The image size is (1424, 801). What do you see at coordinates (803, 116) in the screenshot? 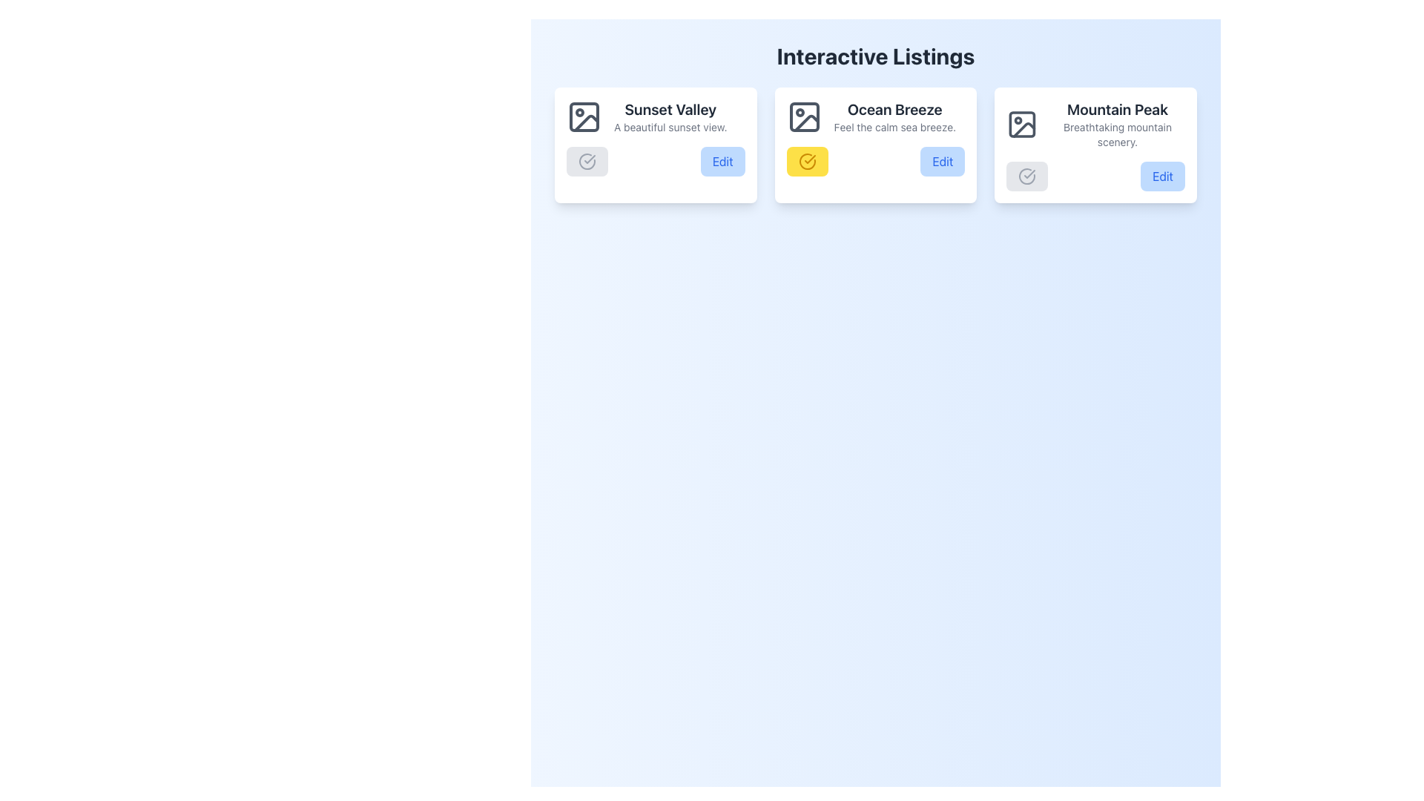
I see `the SVG rectangle element with rounded corners in the image icon on the left side of the 'Ocean Breeze' card` at bounding box center [803, 116].